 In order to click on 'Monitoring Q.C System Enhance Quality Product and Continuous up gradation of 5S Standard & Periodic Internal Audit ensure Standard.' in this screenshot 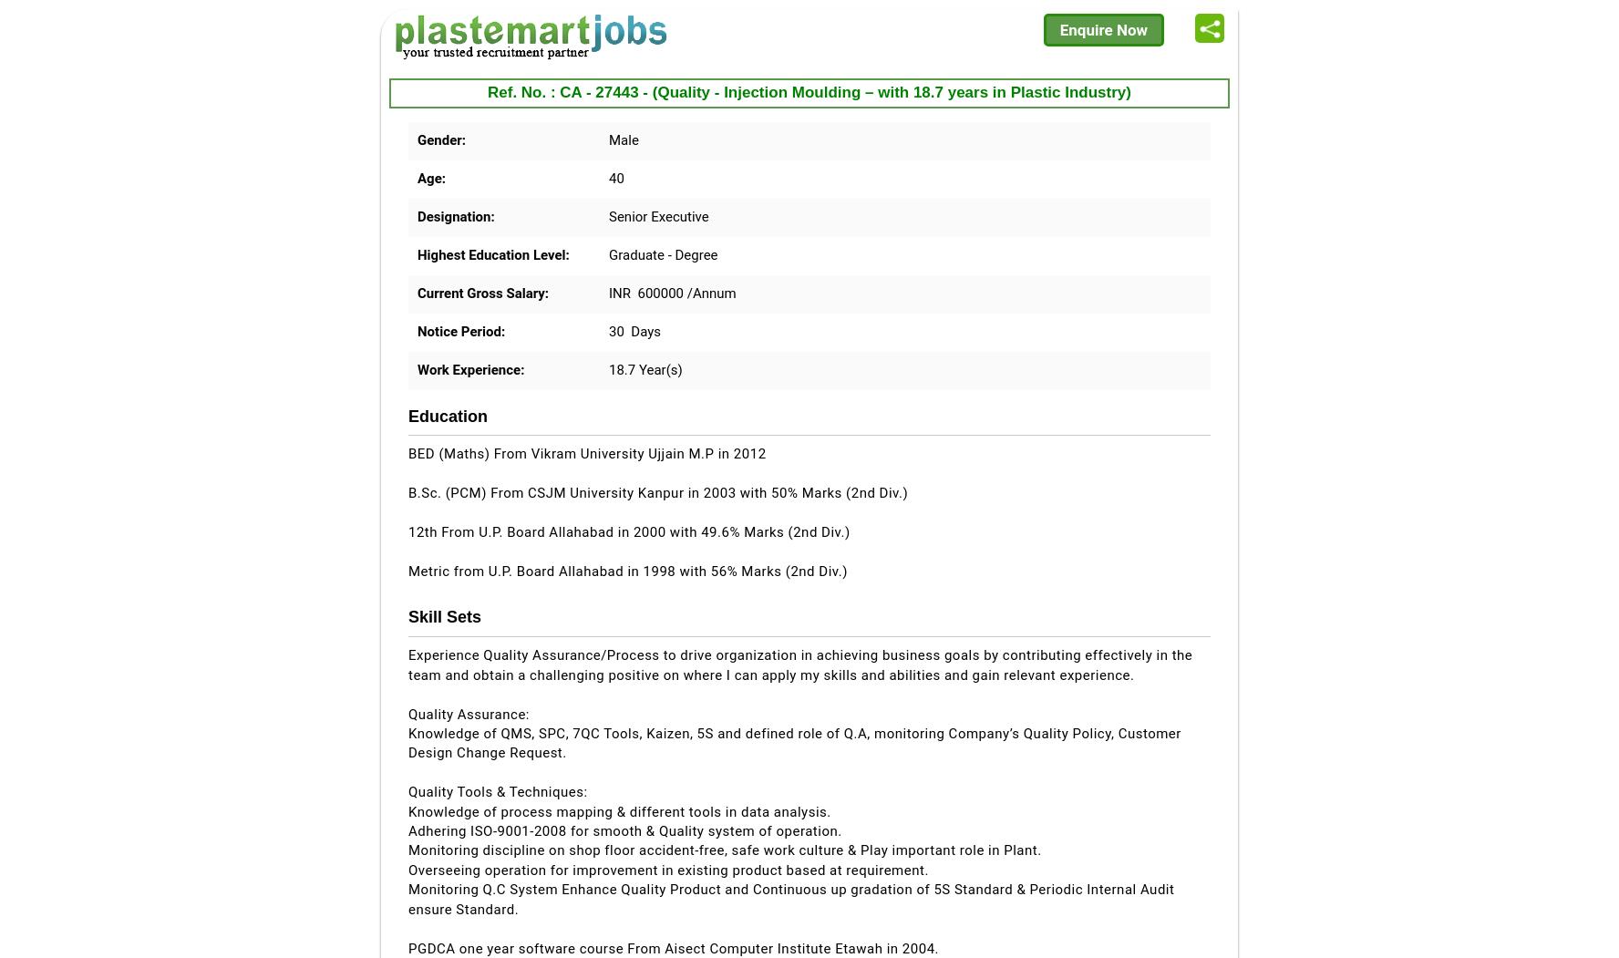, I will do `click(790, 899)`.